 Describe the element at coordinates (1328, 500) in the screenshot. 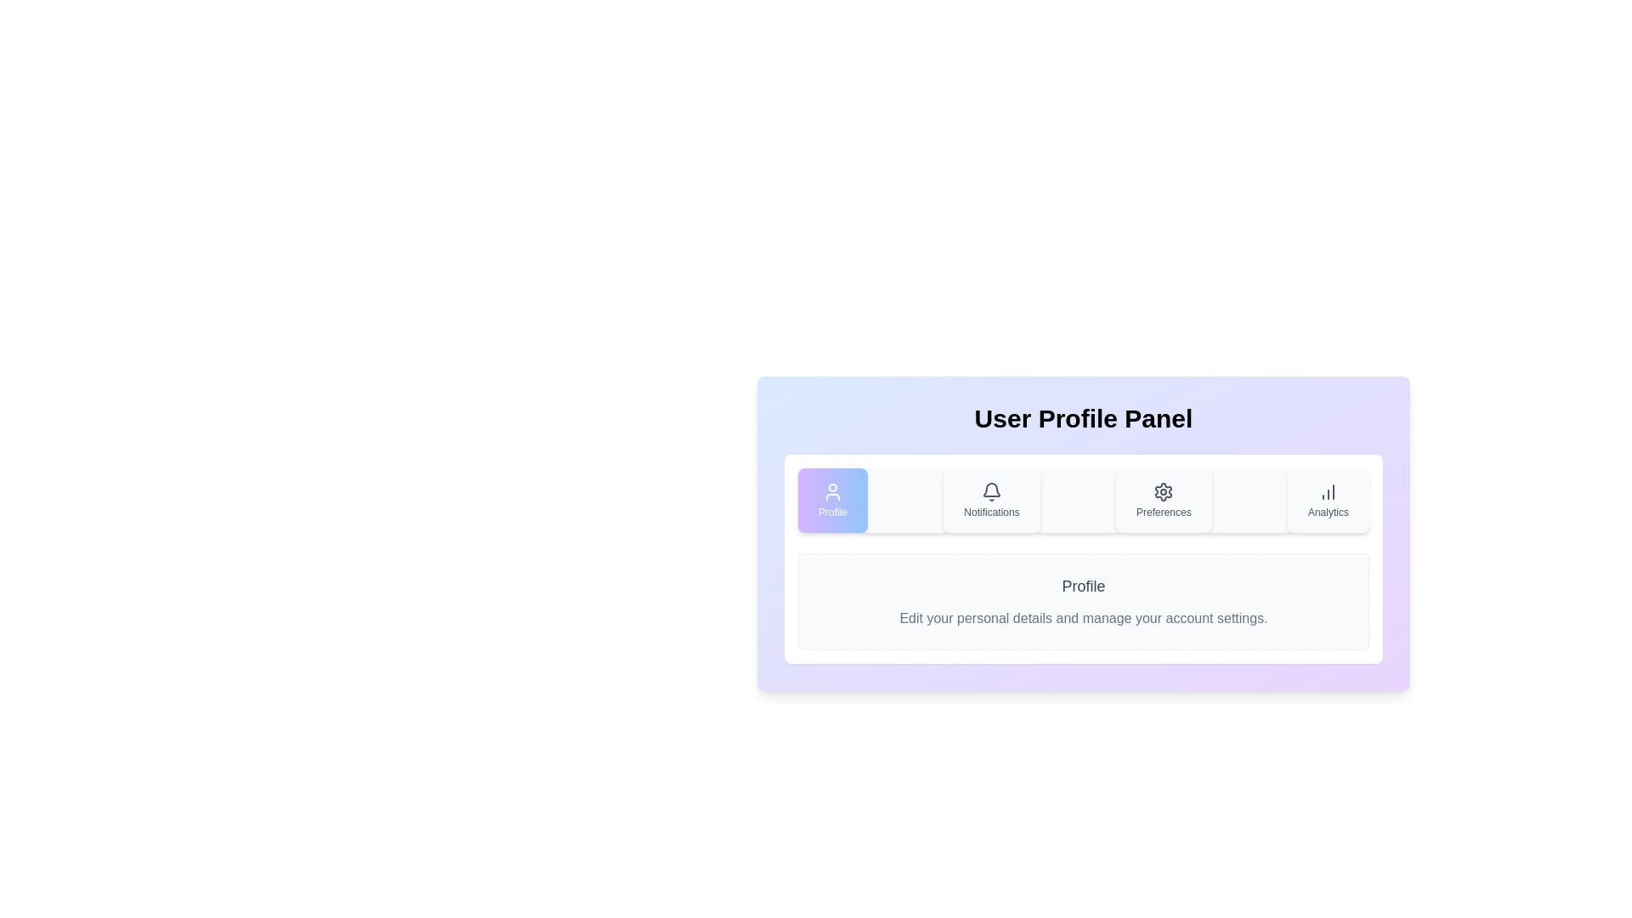

I see `the tab labeled Analytics to preview its interactive effect` at that location.